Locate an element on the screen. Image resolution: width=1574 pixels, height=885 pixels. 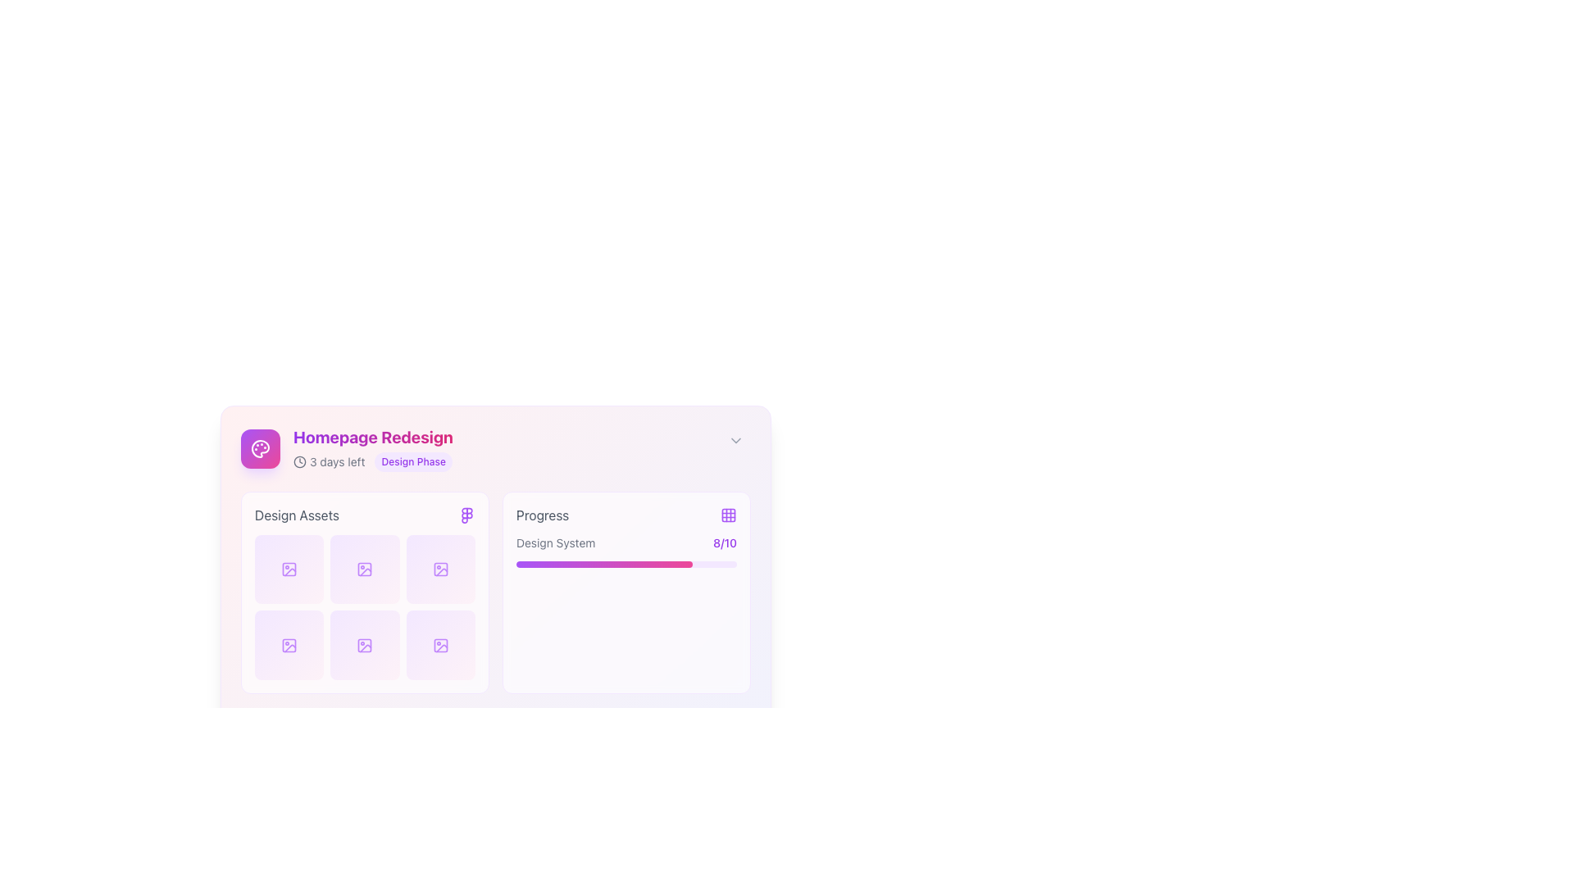
the purple-themed square icon in the bottom-right position of the 'Design Assets' section is located at coordinates (440, 644).